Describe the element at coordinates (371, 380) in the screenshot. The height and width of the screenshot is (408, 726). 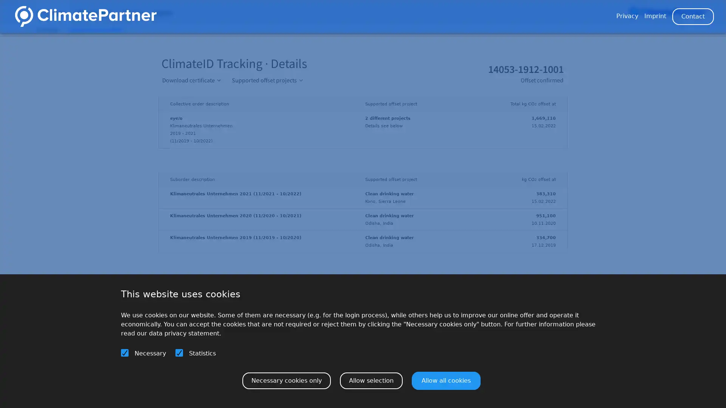
I see `Allow selection` at that location.